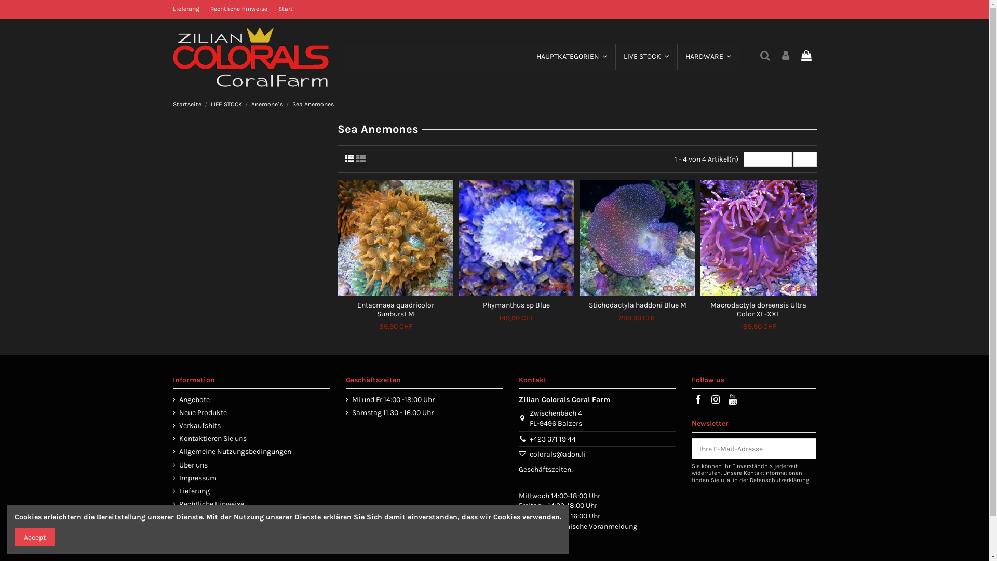 This screenshot has width=997, height=561. I want to click on 'Allgemeine Nutzungsbedingungen', so click(172, 451).